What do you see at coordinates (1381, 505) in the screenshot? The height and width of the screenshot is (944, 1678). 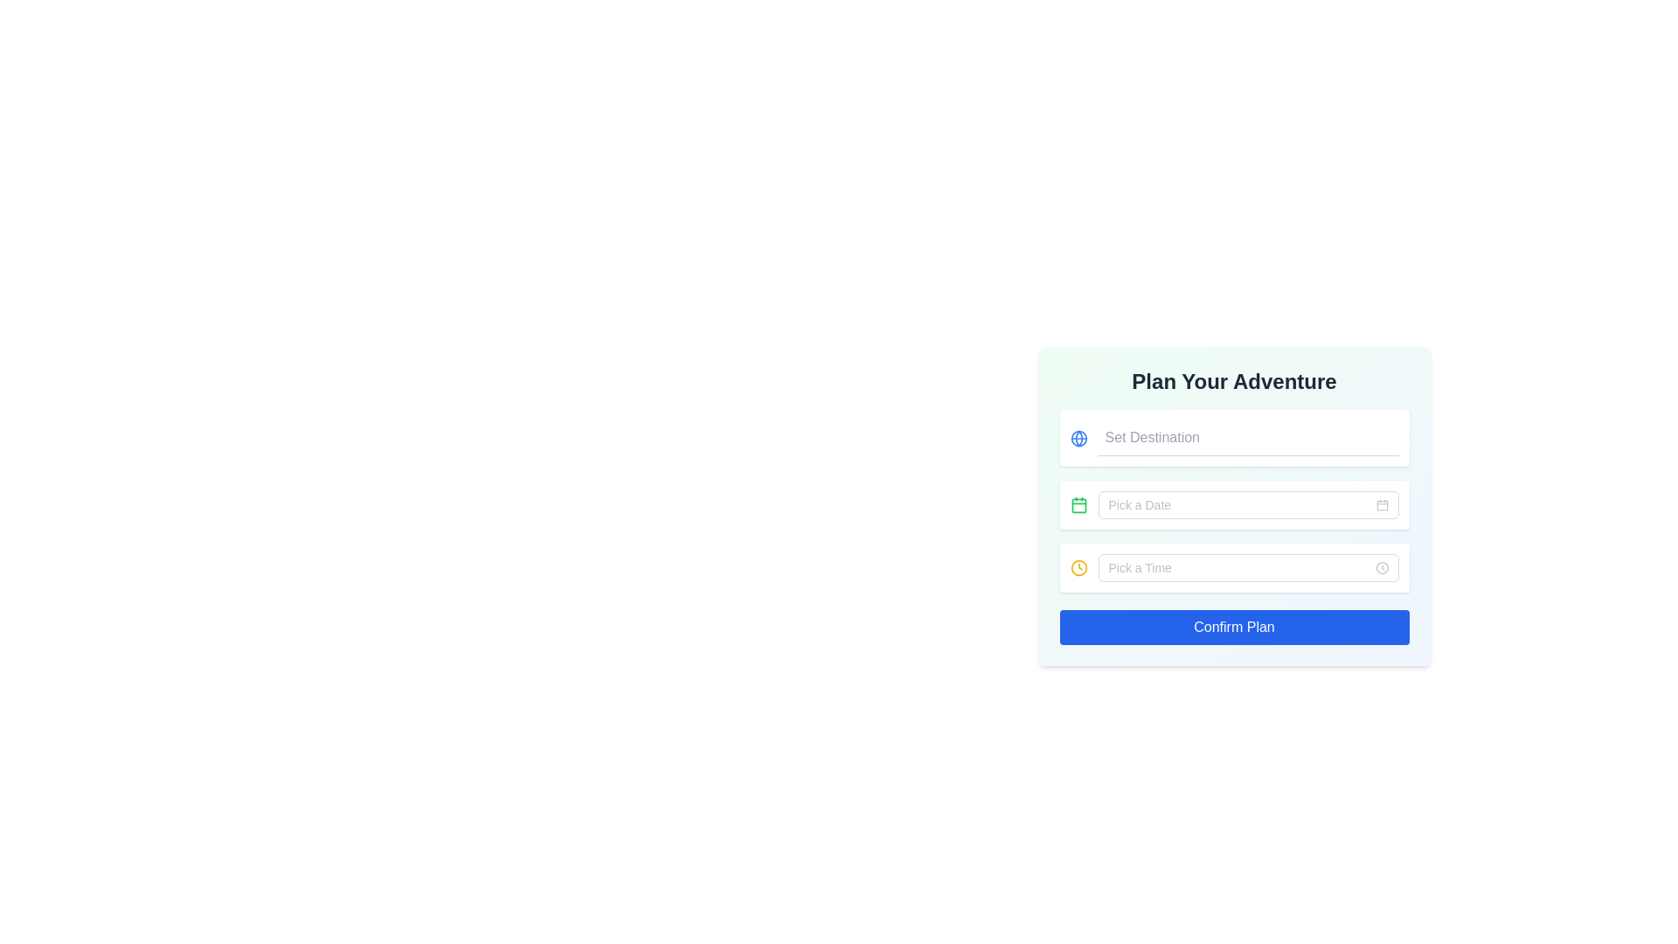 I see `the date picker icon located to the right of the 'Pick a Date' input field` at bounding box center [1381, 505].